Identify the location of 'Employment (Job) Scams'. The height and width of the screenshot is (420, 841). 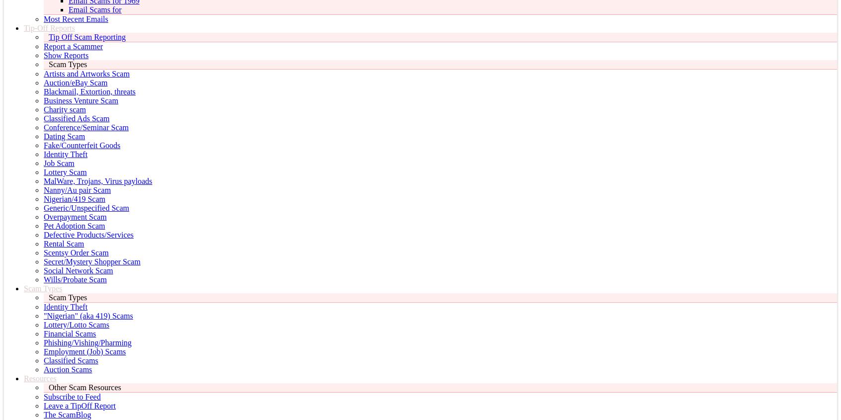
(84, 351).